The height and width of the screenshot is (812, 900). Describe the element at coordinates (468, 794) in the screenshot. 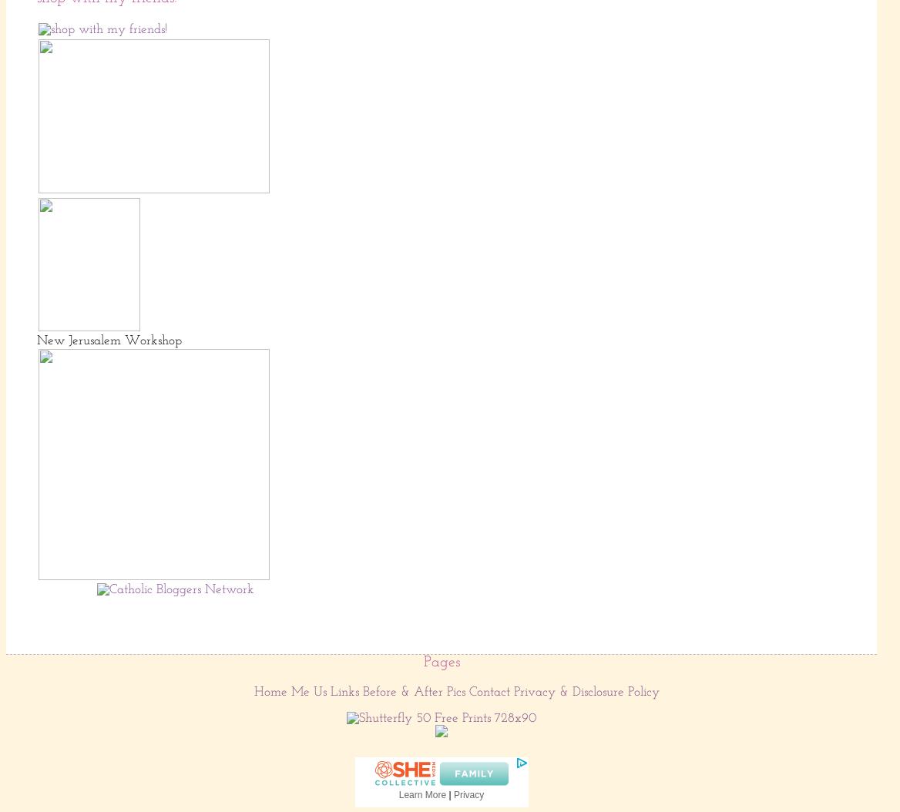

I see `'Privacy'` at that location.